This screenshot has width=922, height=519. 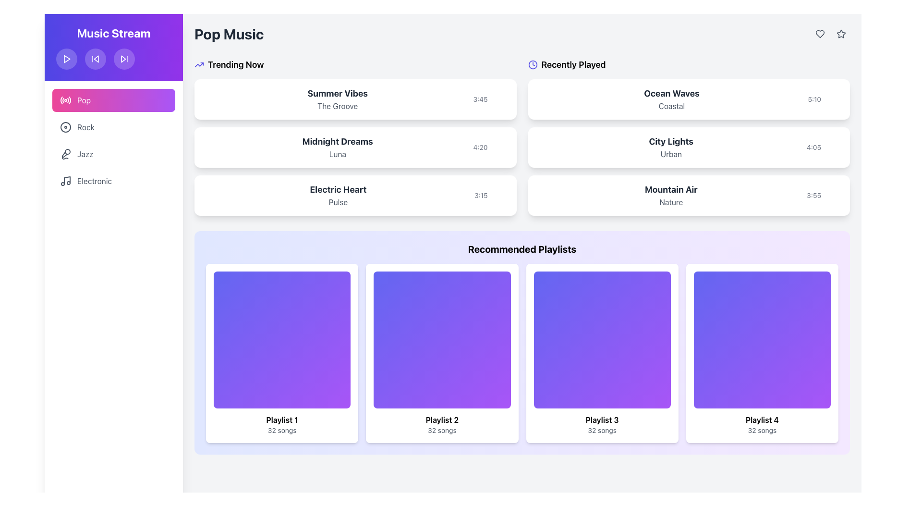 What do you see at coordinates (834, 148) in the screenshot?
I see `the play button for the song 'City Lights' located in the 'Recently Played' section` at bounding box center [834, 148].